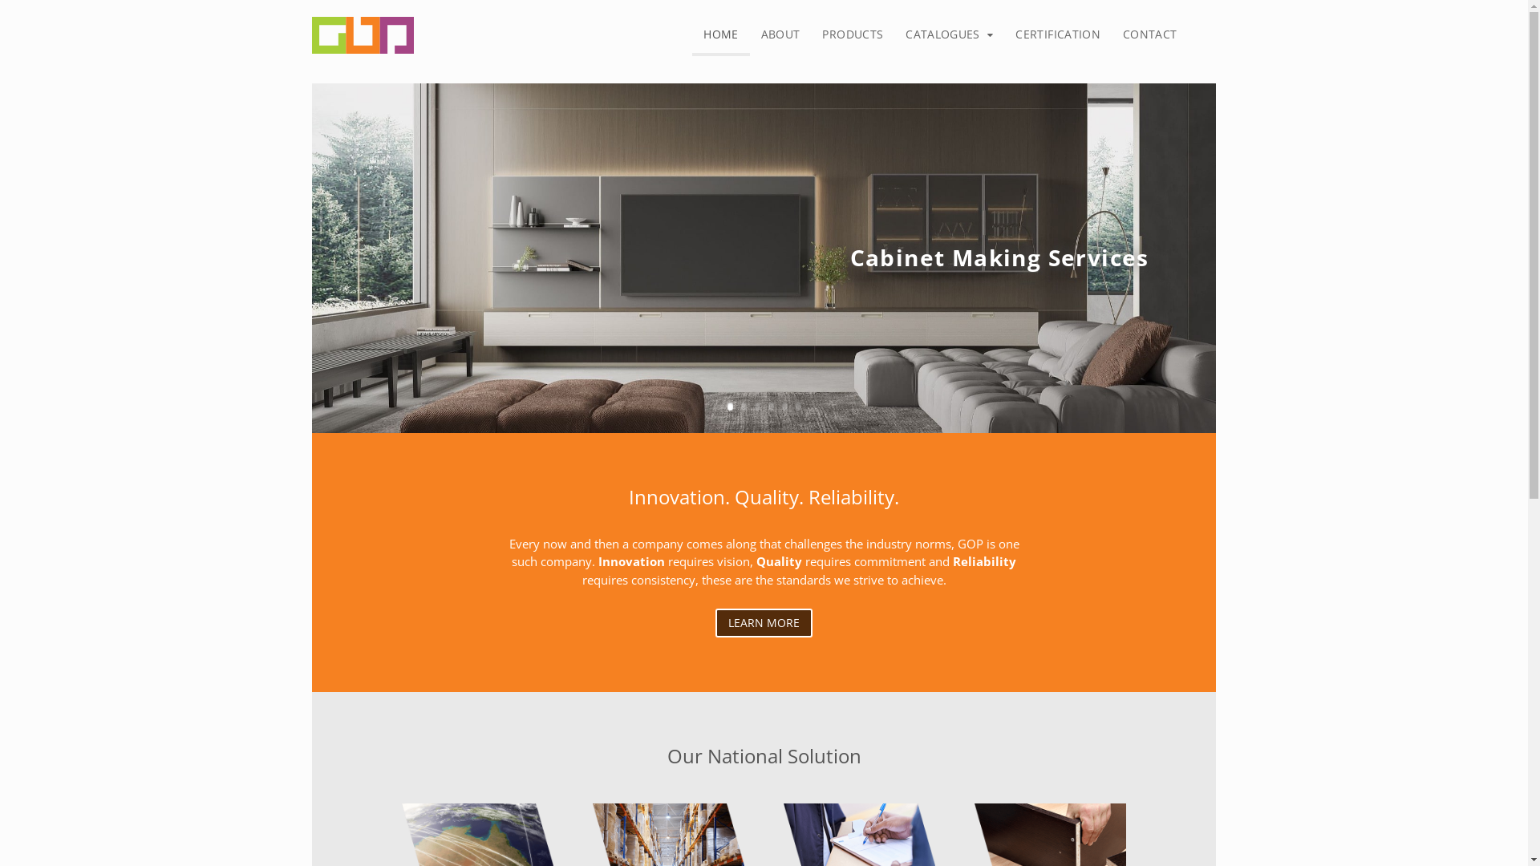 This screenshot has width=1540, height=866. Describe the element at coordinates (726, 405) in the screenshot. I see `'1'` at that location.